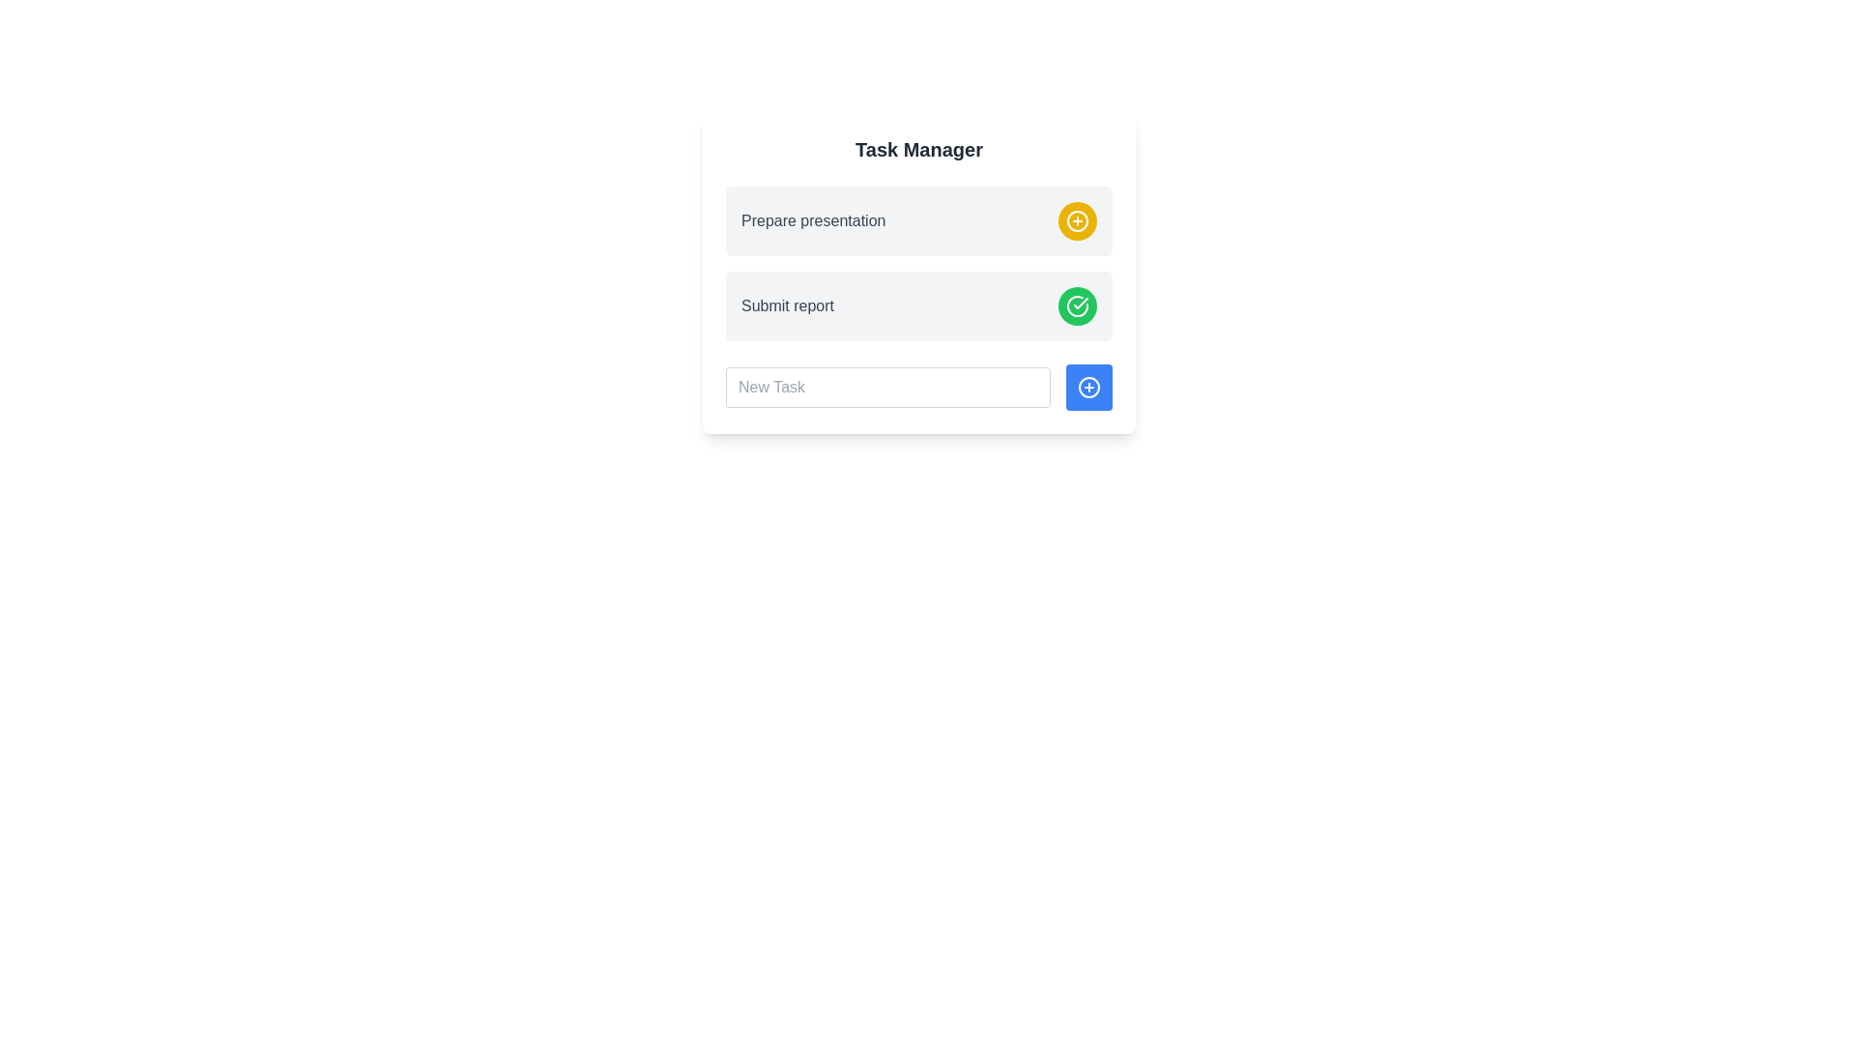  What do you see at coordinates (1089, 388) in the screenshot?
I see `the circular icon button with a blue background and a white outlined plus sign located in the bottom-right corner next to the 'New Task' input field` at bounding box center [1089, 388].